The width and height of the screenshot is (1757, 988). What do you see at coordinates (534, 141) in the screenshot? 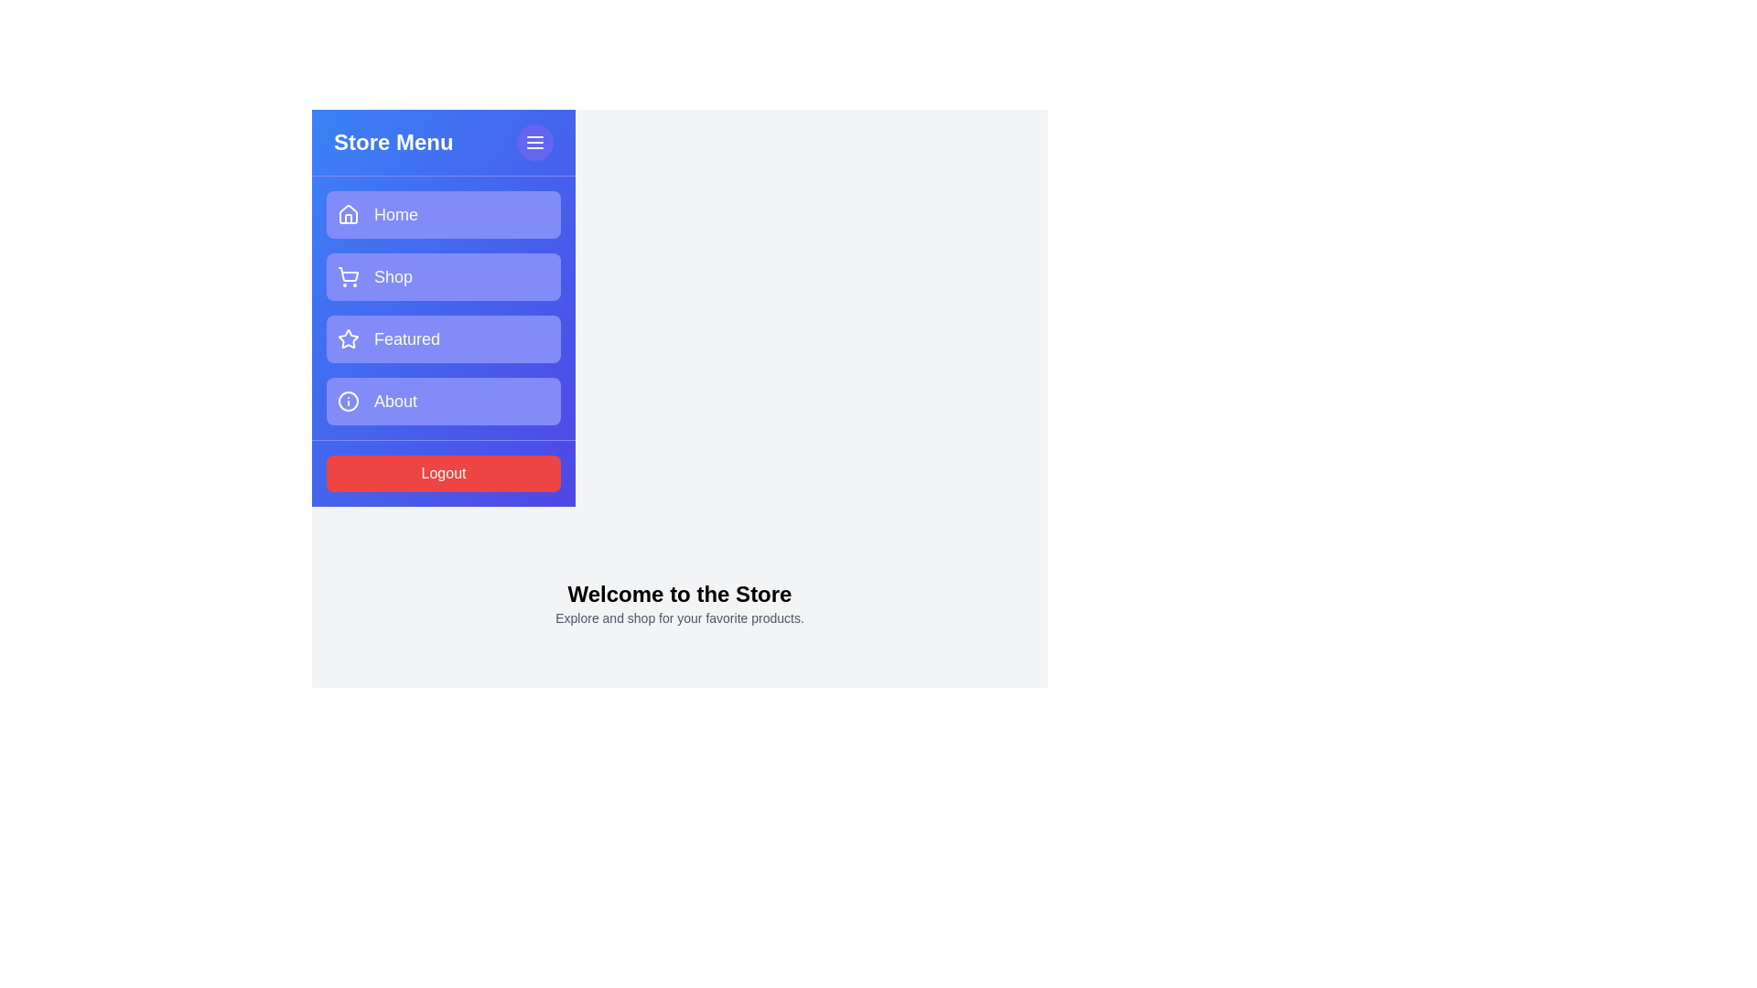
I see `the menu button to toggle the drawer` at bounding box center [534, 141].